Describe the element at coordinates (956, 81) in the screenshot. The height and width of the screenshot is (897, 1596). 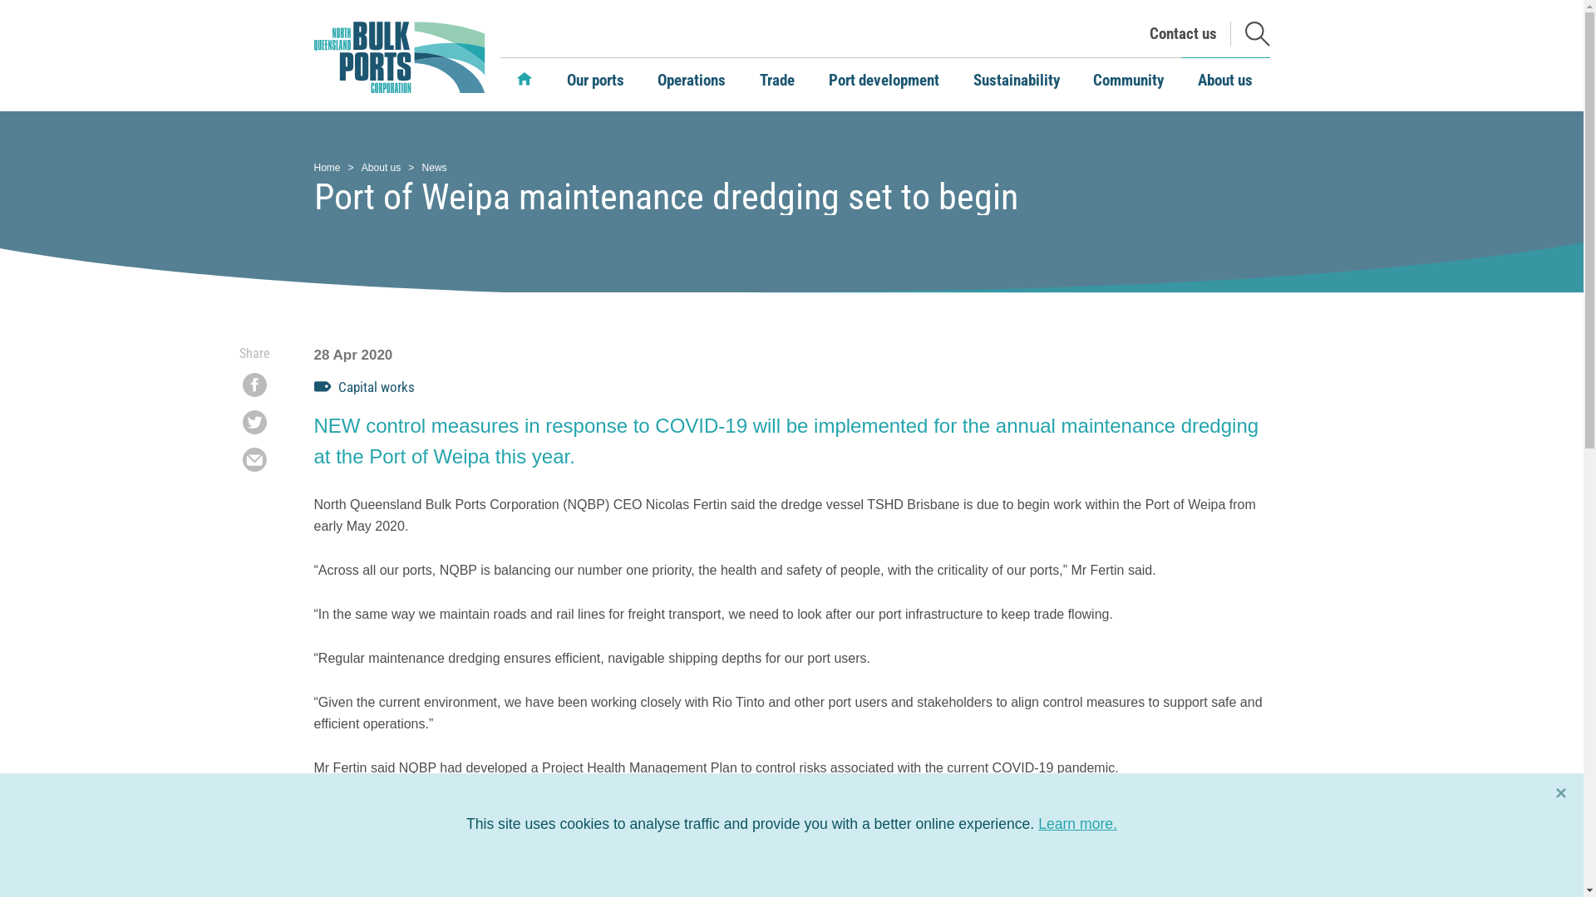
I see `'Sustainability'` at that location.